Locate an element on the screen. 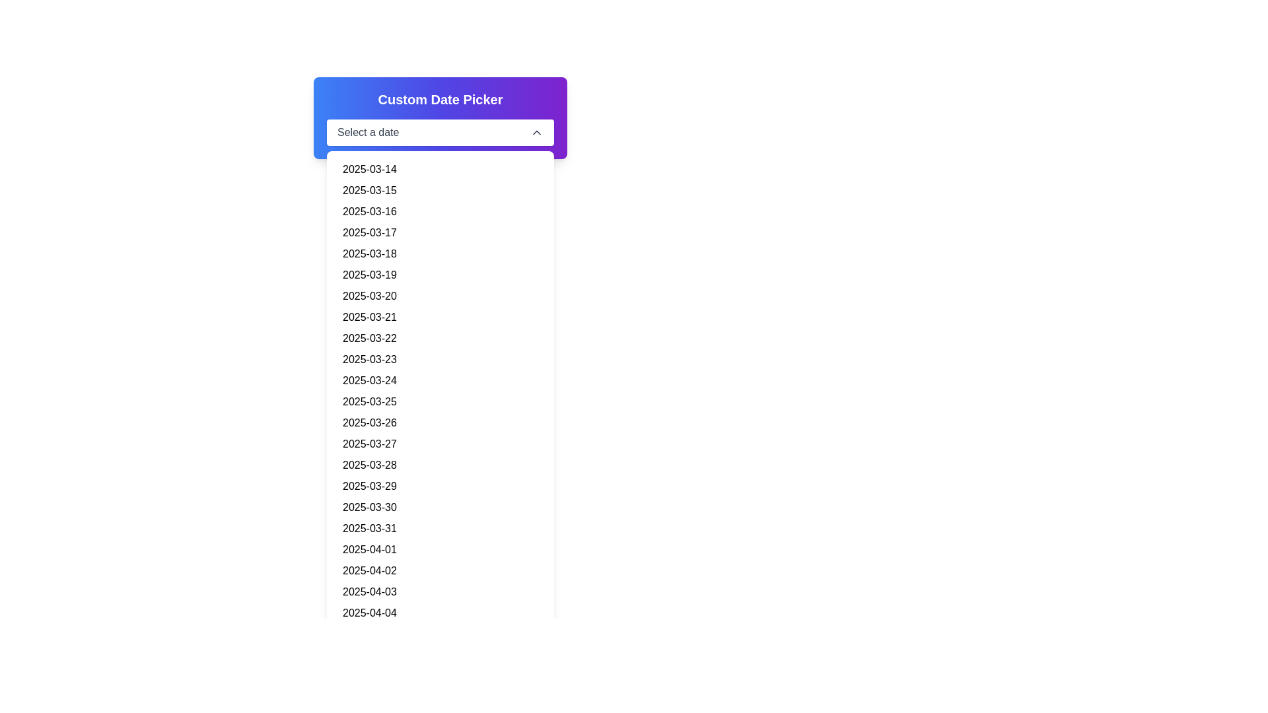  the selectable list item displaying the date '2025-04-04', which is the 22nd item in the dropdown list is located at coordinates (440, 613).